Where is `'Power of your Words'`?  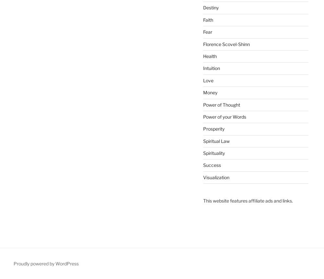 'Power of your Words' is located at coordinates (224, 116).